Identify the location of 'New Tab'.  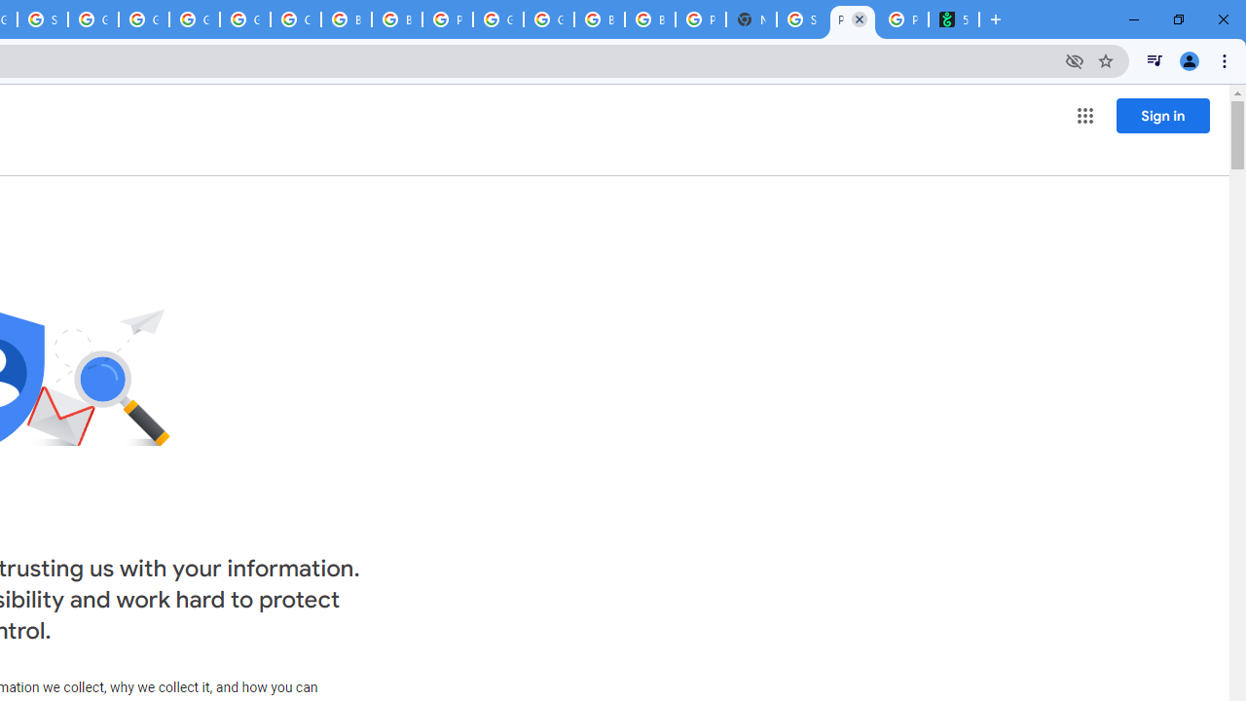
(750, 19).